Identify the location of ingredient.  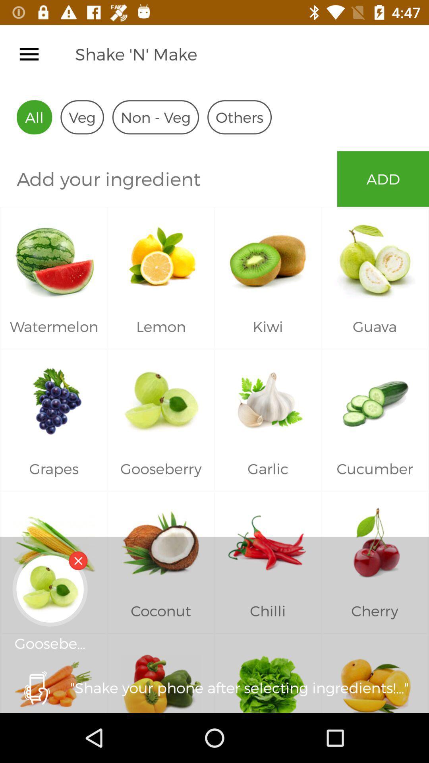
(168, 178).